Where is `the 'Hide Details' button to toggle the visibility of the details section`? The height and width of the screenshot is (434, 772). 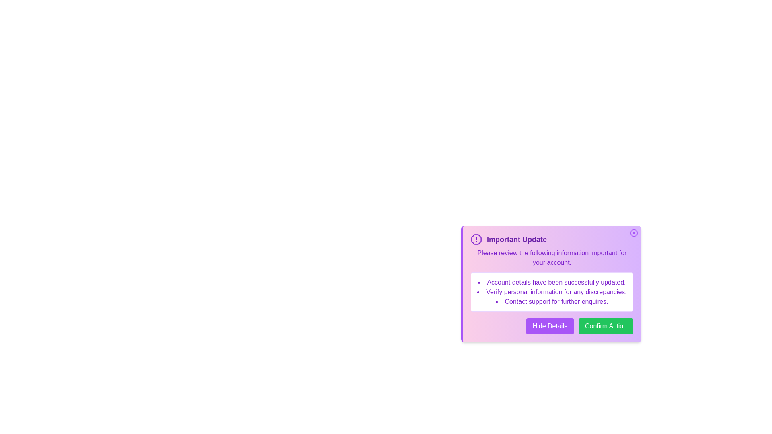 the 'Hide Details' button to toggle the visibility of the details section is located at coordinates (549, 326).